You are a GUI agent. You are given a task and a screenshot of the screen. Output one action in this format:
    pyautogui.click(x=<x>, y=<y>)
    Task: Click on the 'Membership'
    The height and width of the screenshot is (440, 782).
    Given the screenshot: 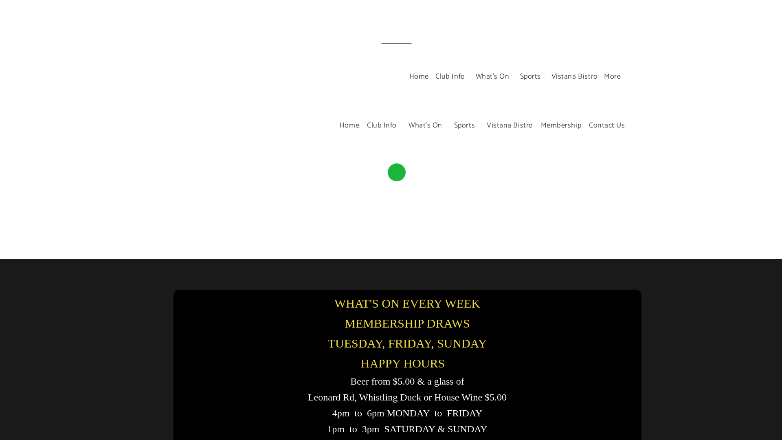 What is the action you would take?
    pyautogui.click(x=557, y=125)
    